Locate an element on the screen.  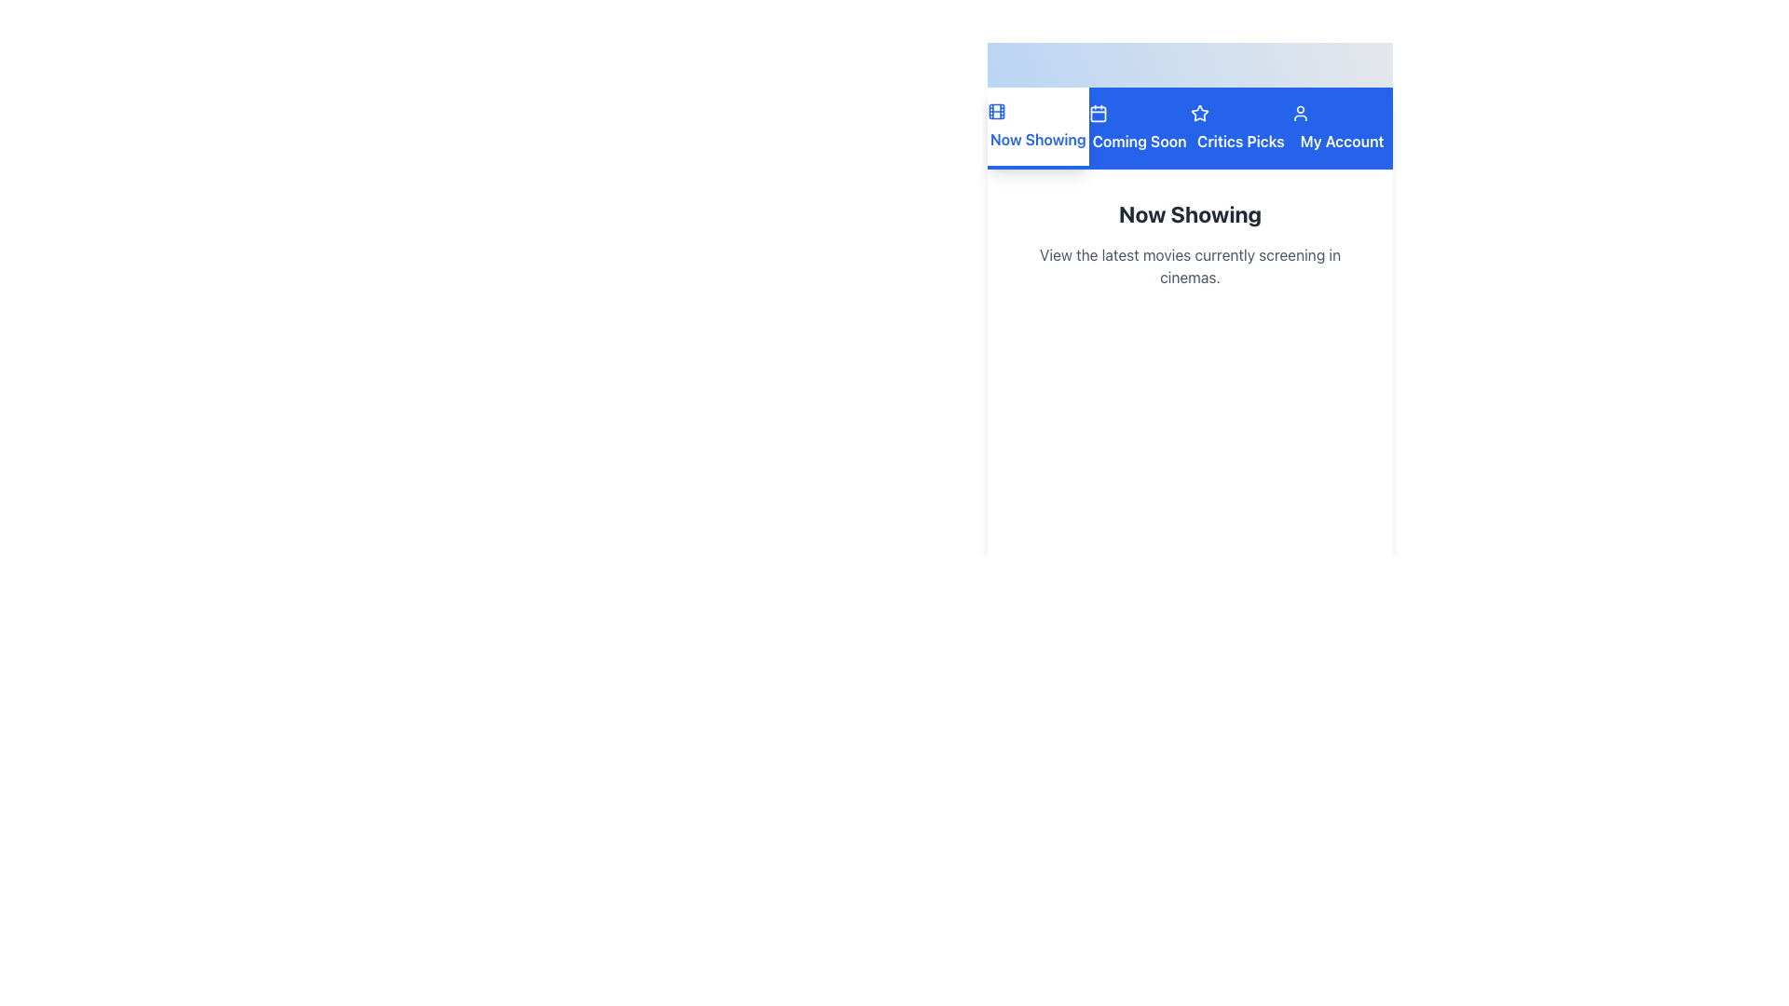
text element that provides a description for the 'Now Showing' section, located directly below the 'Now Showing' title is located at coordinates (1189, 265).